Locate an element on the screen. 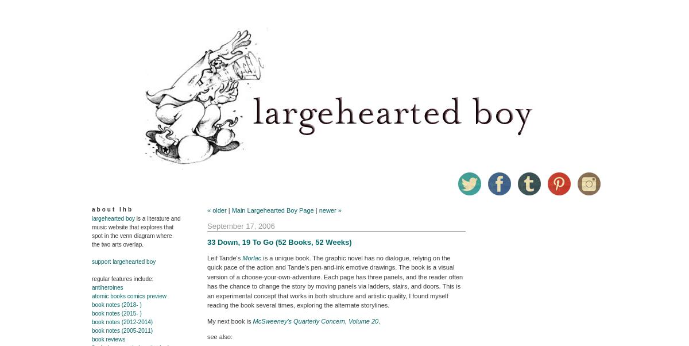  'Atomic Books Comics Preview' is located at coordinates (129, 295).